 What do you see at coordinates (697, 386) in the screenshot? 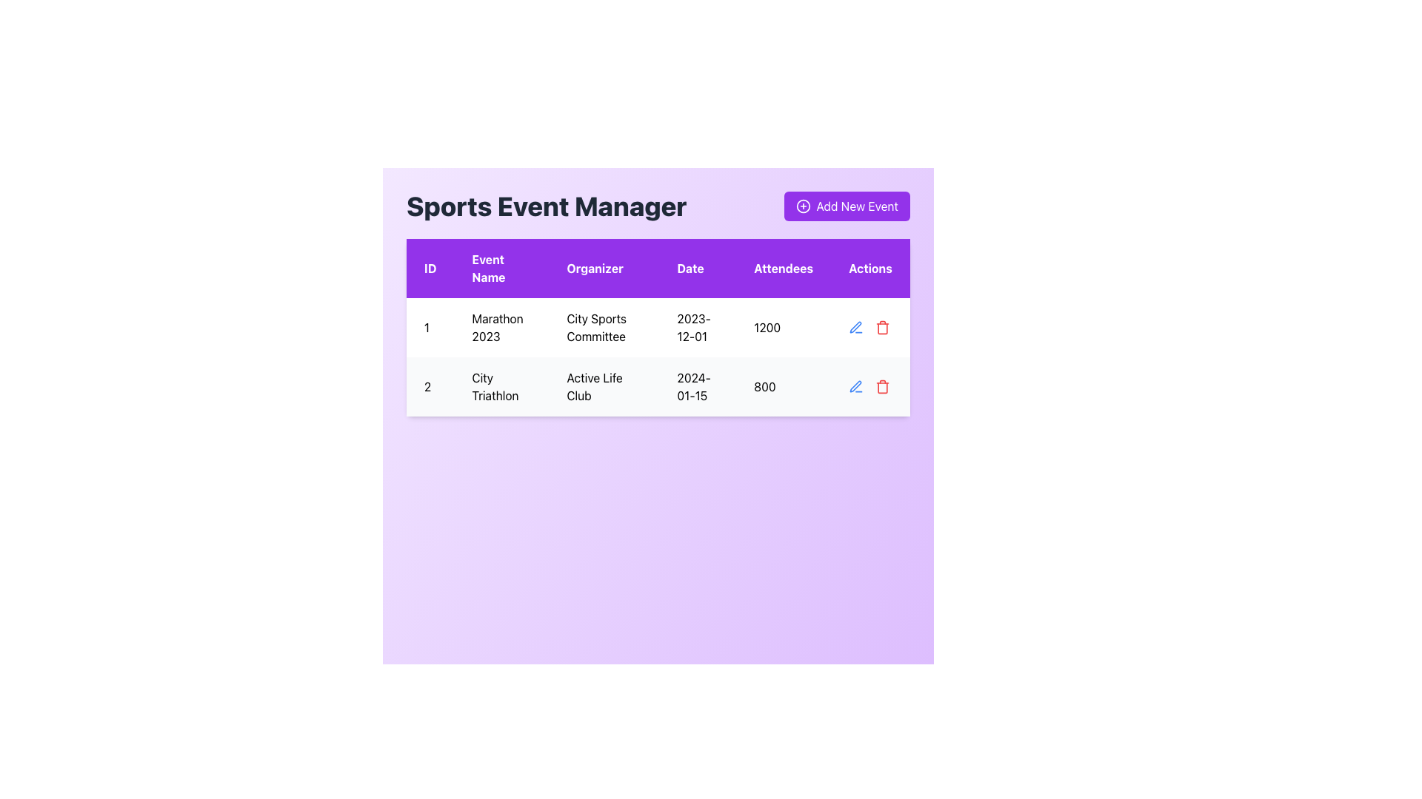
I see `text content displayed in the non-interactive text field located in the fourth column of the second row of the table, which is between the 'Active Life Club' and '800' cells` at bounding box center [697, 386].